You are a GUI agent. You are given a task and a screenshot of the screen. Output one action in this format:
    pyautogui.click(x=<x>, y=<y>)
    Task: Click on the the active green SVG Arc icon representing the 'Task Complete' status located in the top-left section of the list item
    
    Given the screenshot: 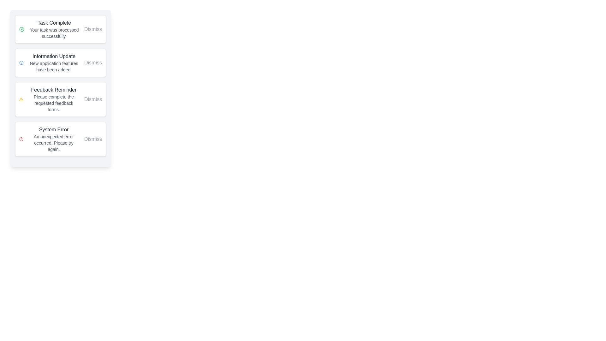 What is the action you would take?
    pyautogui.click(x=21, y=29)
    